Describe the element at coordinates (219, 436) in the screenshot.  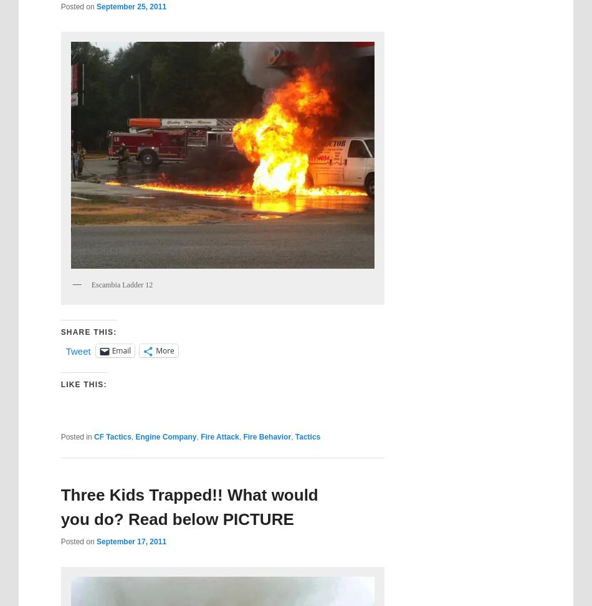
I see `'Fire Attack'` at that location.